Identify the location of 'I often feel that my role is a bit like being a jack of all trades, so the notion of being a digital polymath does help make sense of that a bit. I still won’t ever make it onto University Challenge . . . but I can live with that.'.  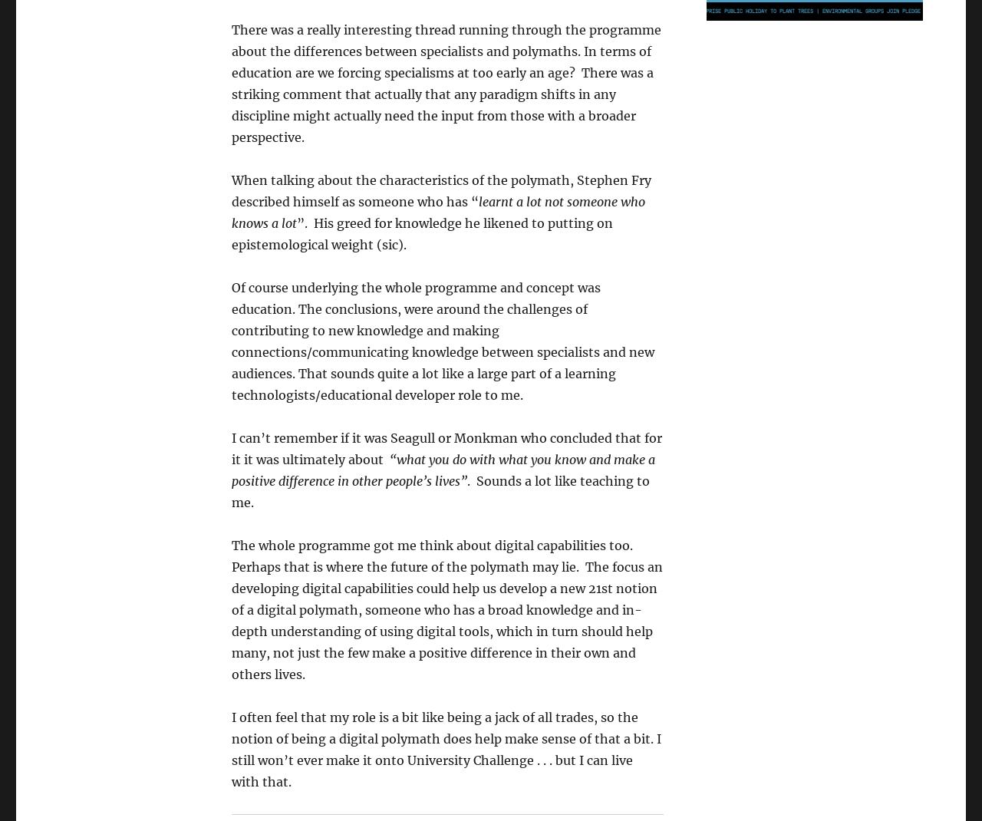
(446, 749).